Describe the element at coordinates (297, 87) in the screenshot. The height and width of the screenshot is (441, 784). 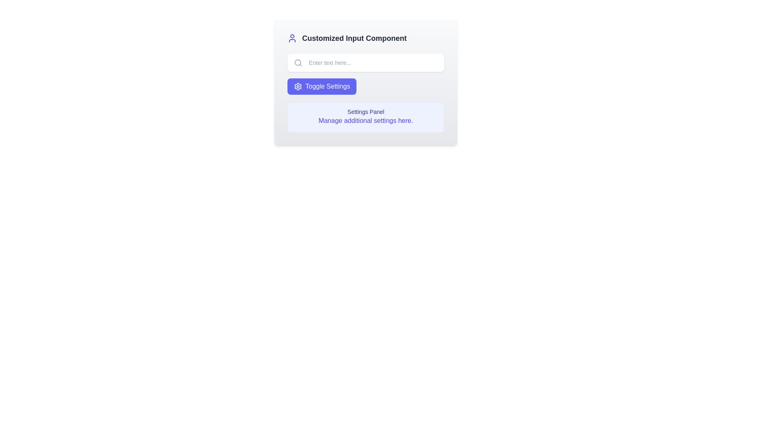
I see `the gear icon within the 'Toggle Settings' button, which features a purple fill and white outline, located towards the left side of the button` at that location.